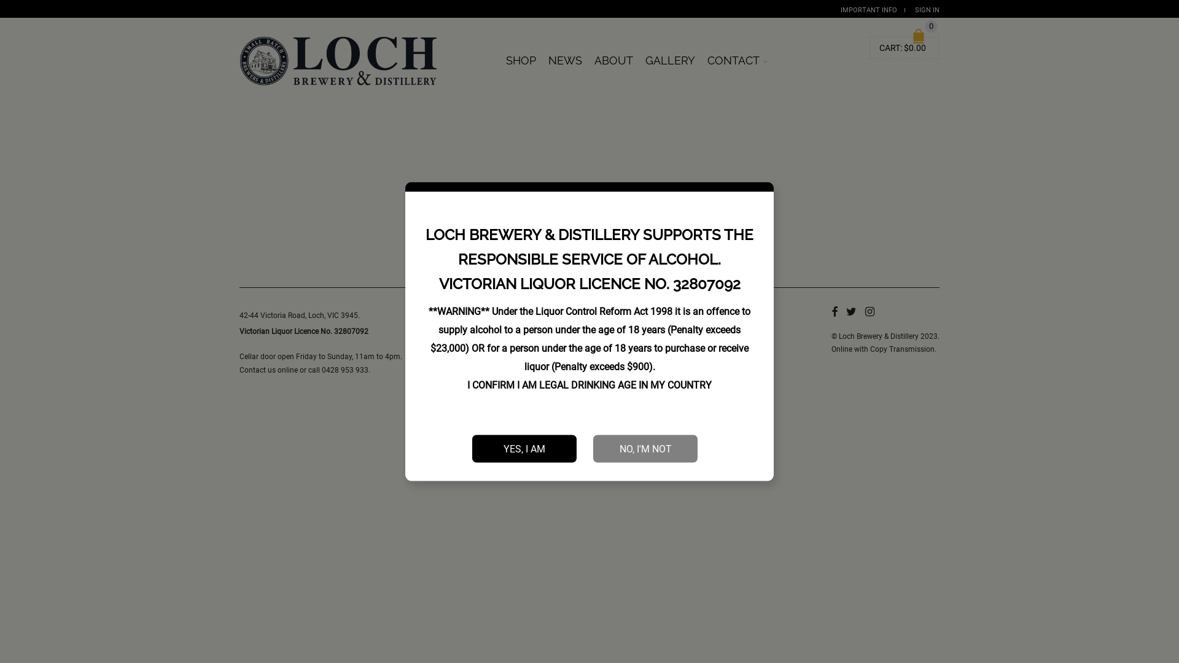  Describe the element at coordinates (521, 61) in the screenshot. I see `'SHOP'` at that location.